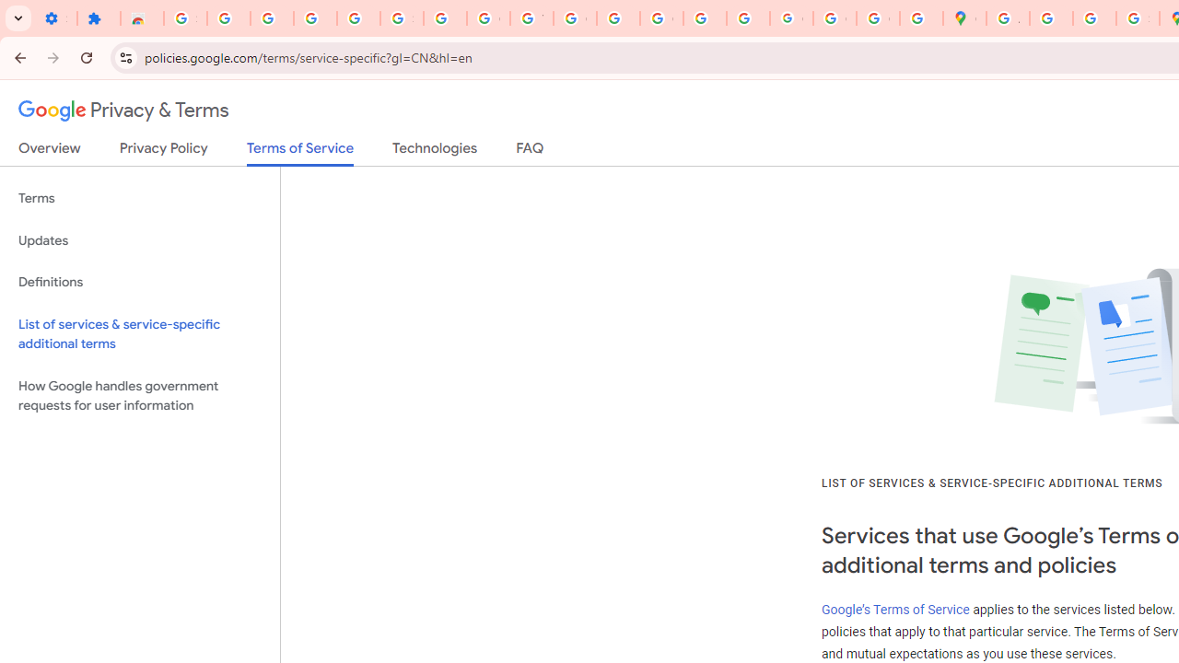 The image size is (1179, 663). What do you see at coordinates (55, 18) in the screenshot?
I see `'Settings - On startup'` at bounding box center [55, 18].